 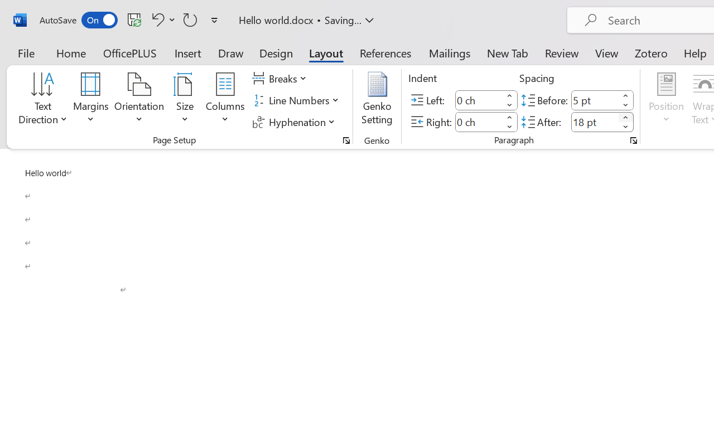 What do you see at coordinates (346, 140) in the screenshot?
I see `'Page Setup...'` at bounding box center [346, 140].